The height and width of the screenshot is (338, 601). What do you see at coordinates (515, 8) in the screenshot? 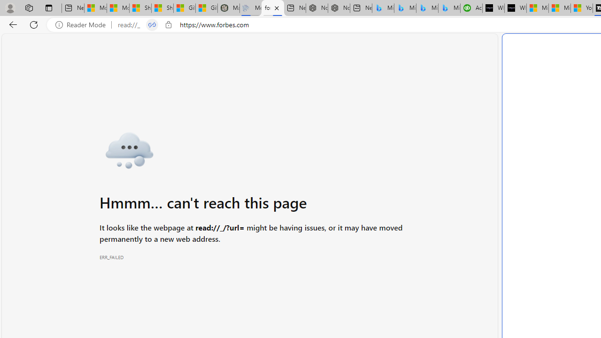
I see `'What'` at bounding box center [515, 8].